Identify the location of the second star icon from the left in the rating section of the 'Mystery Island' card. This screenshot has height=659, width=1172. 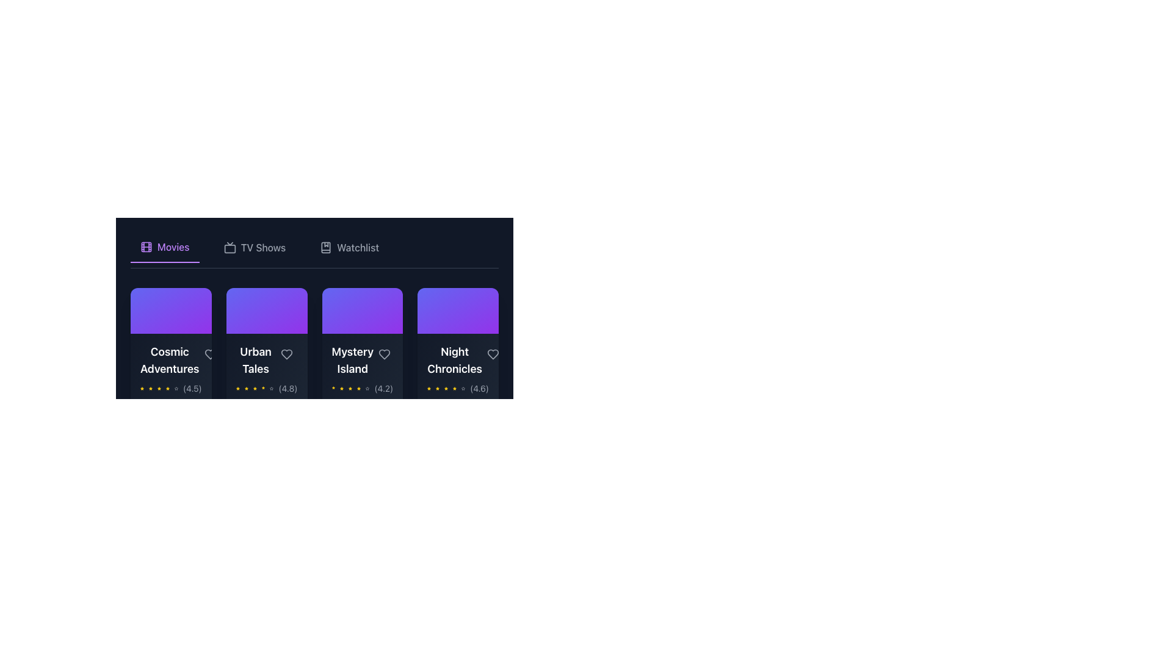
(342, 388).